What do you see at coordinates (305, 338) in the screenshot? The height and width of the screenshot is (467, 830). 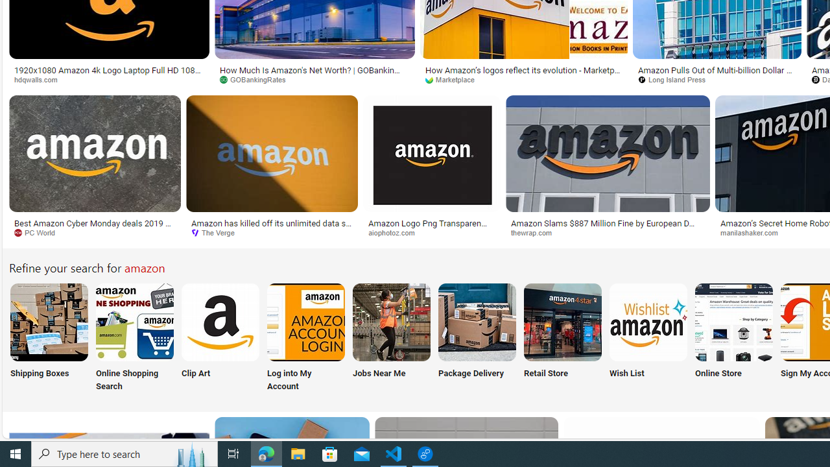 I see `'Log into My Account'` at bounding box center [305, 338].